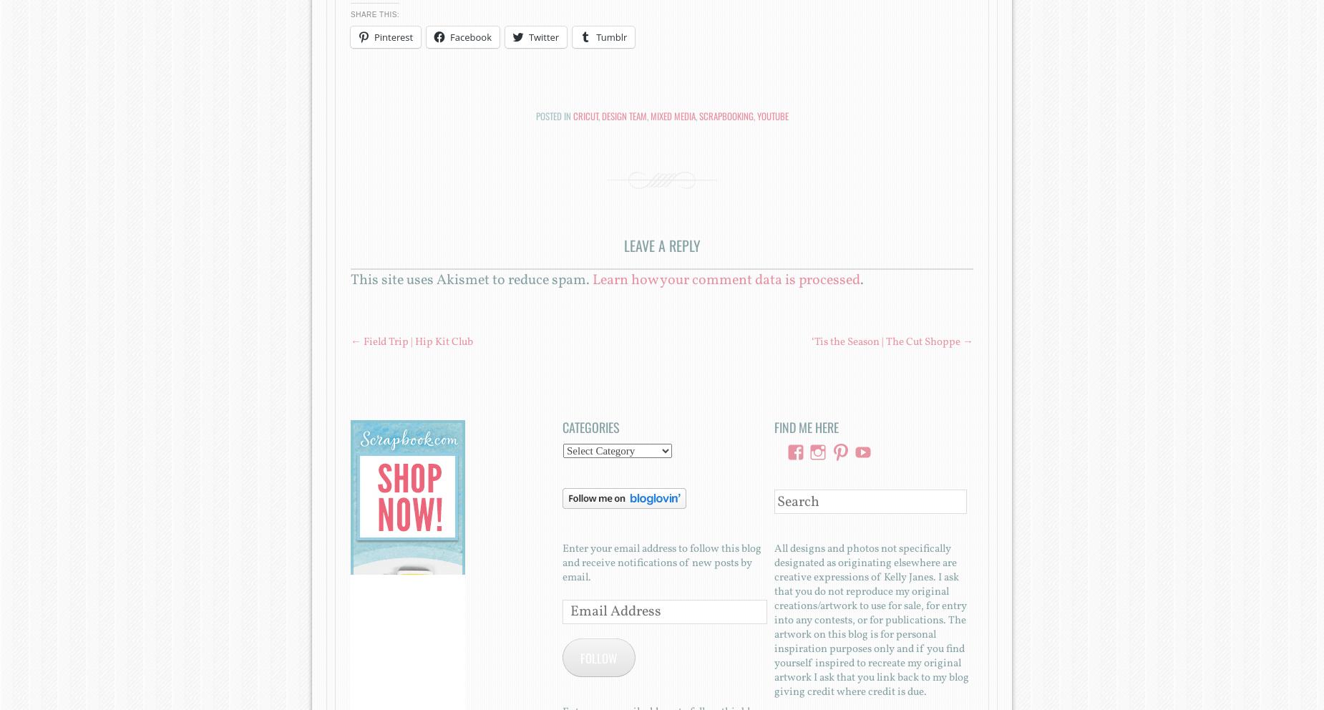  What do you see at coordinates (661, 245) in the screenshot?
I see `'Leave a Reply'` at bounding box center [661, 245].